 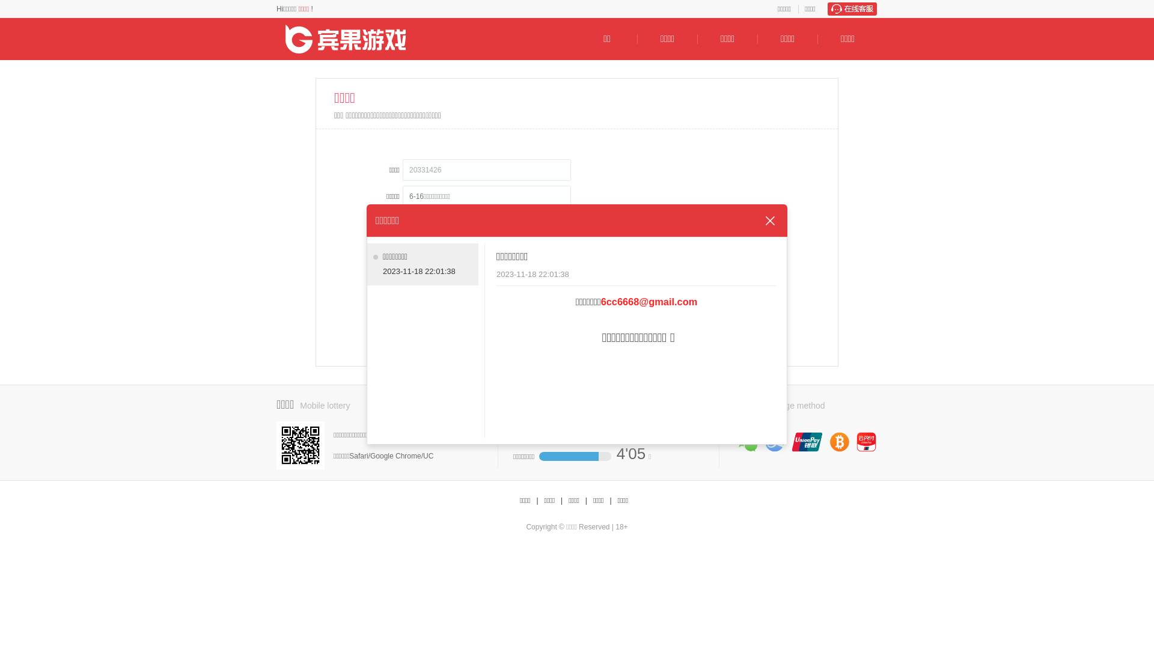 I want to click on '|', so click(x=610, y=501).